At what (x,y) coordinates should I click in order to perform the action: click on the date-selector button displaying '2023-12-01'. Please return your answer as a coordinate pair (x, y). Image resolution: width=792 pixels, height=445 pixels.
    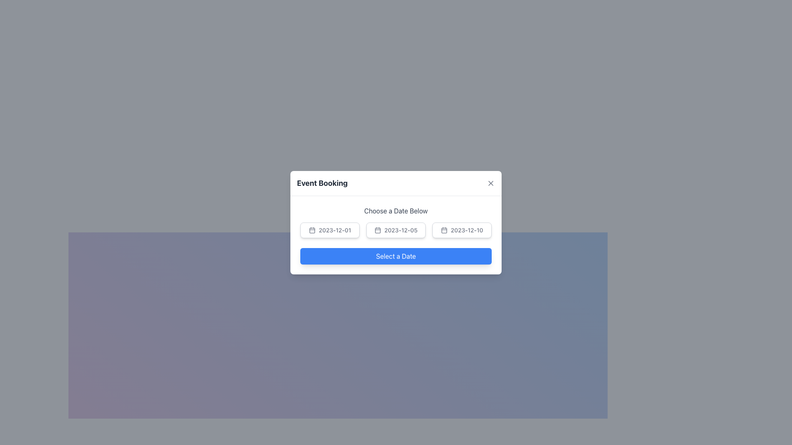
    Looking at the image, I should click on (330, 230).